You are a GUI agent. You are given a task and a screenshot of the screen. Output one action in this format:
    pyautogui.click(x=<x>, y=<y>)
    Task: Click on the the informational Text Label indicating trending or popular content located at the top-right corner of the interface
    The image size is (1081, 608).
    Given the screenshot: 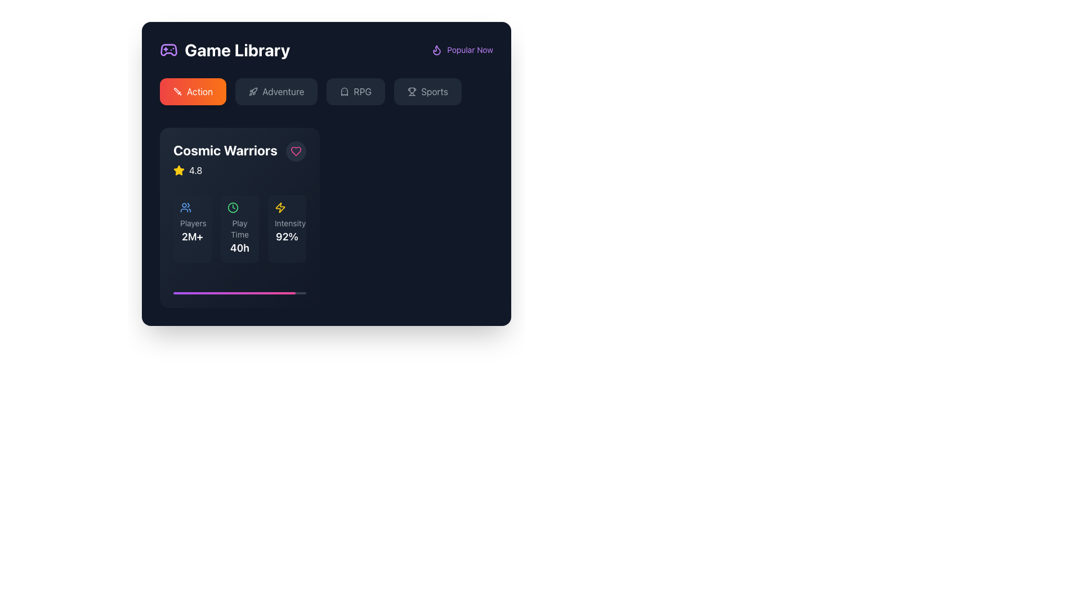 What is the action you would take?
    pyautogui.click(x=470, y=49)
    